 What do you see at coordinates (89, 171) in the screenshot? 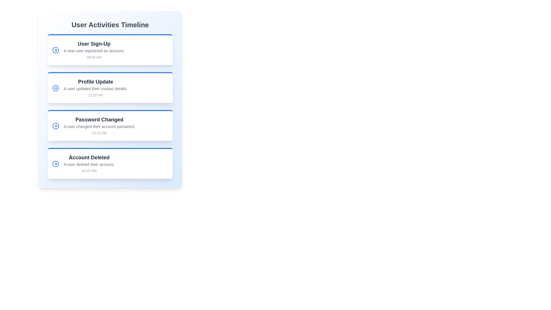
I see `the timestamp text label indicating the time of the 'Account Deleted' event, located at the bottom-right corner of the card containing the 'Account Deleted' message` at bounding box center [89, 171].